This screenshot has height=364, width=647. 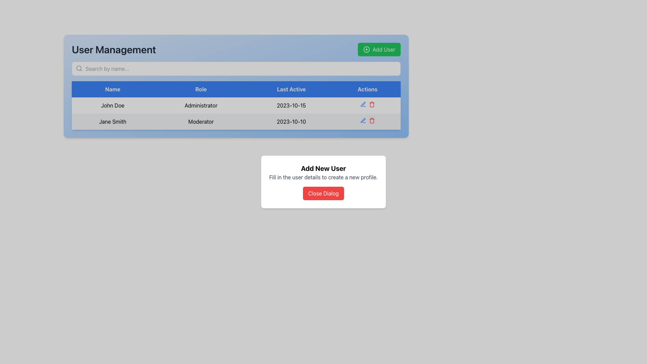 I want to click on the edit icon located in the second row under the 'Actions' column next to the 'Moderator' role, so click(x=363, y=120).